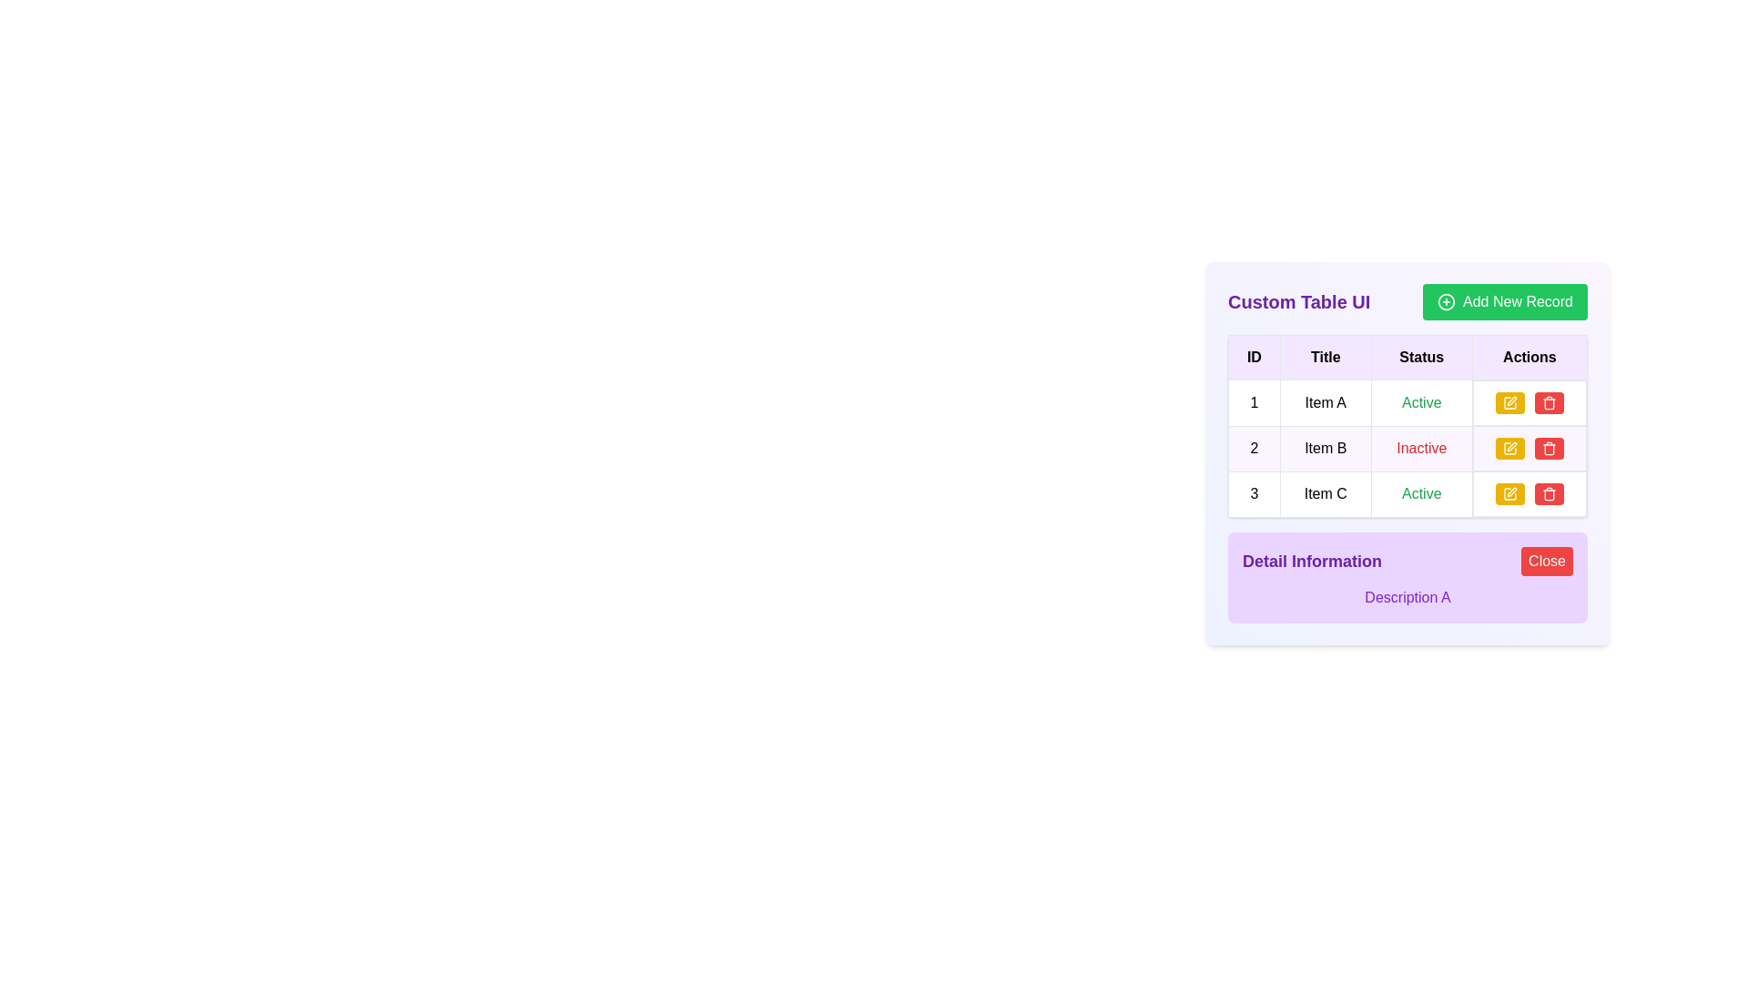 This screenshot has width=1748, height=983. What do you see at coordinates (1549, 402) in the screenshot?
I see `the delete button with an icon located in the Actions column of the third row in the table for keyboard navigation` at bounding box center [1549, 402].